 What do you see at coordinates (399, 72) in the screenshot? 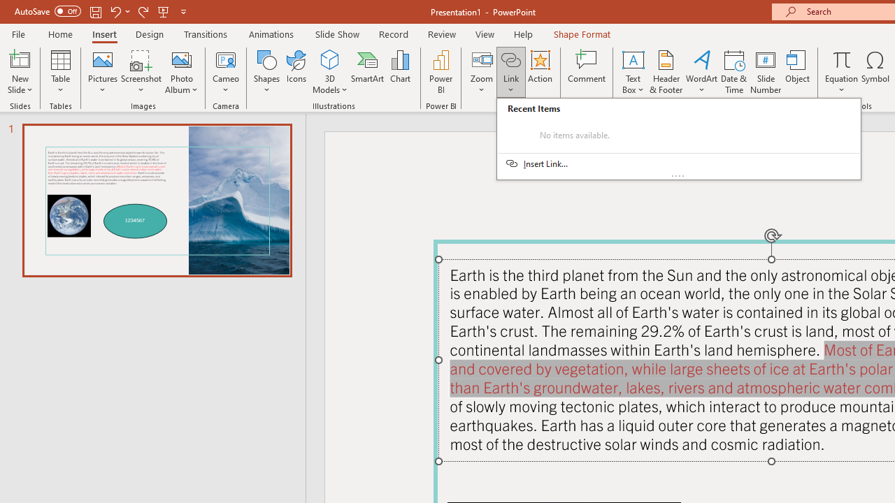
I see `'Chart...'` at bounding box center [399, 72].